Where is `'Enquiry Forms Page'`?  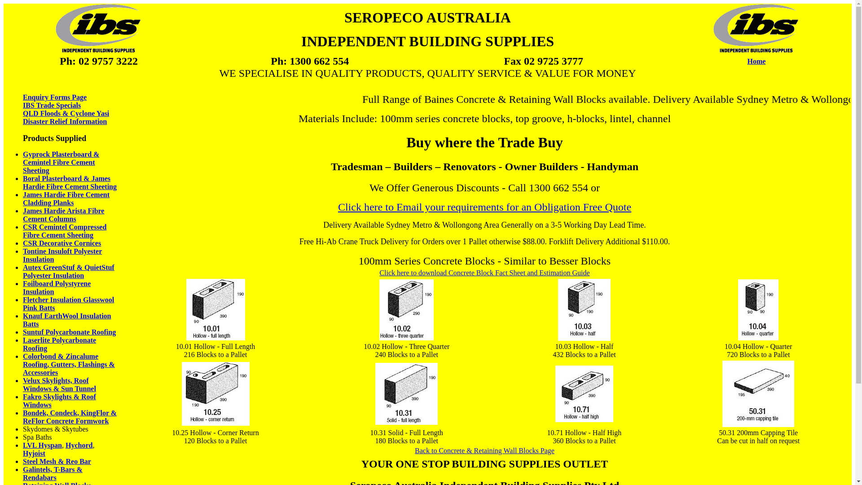
'Enquiry Forms Page' is located at coordinates (54, 97).